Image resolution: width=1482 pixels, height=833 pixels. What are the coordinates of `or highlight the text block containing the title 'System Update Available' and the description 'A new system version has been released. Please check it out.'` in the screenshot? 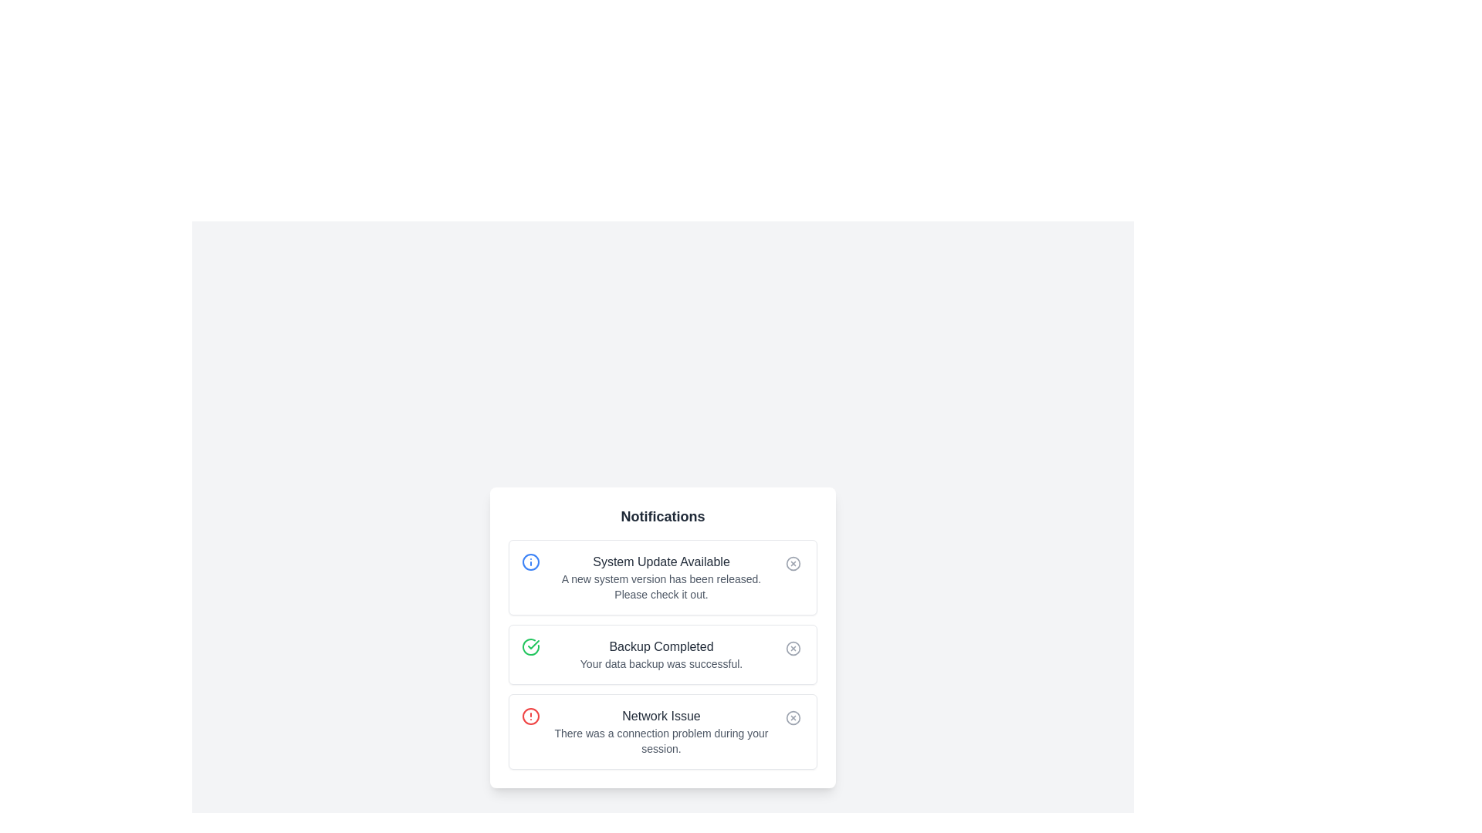 It's located at (661, 577).